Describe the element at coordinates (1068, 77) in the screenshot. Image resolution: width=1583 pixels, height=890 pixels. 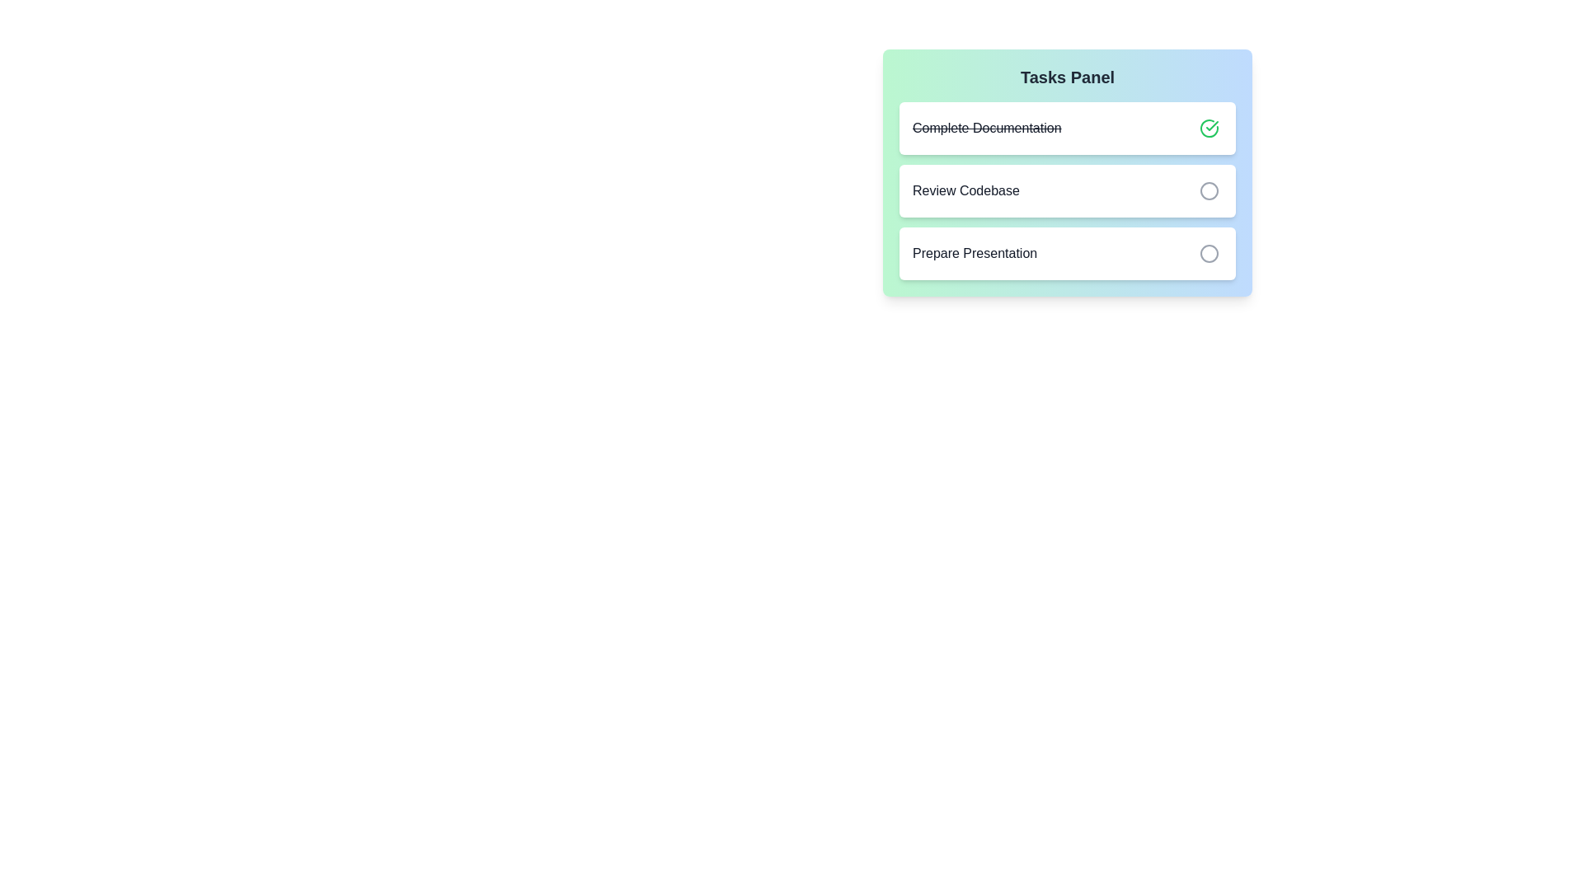
I see `the 'Tasks Panel' title` at that location.